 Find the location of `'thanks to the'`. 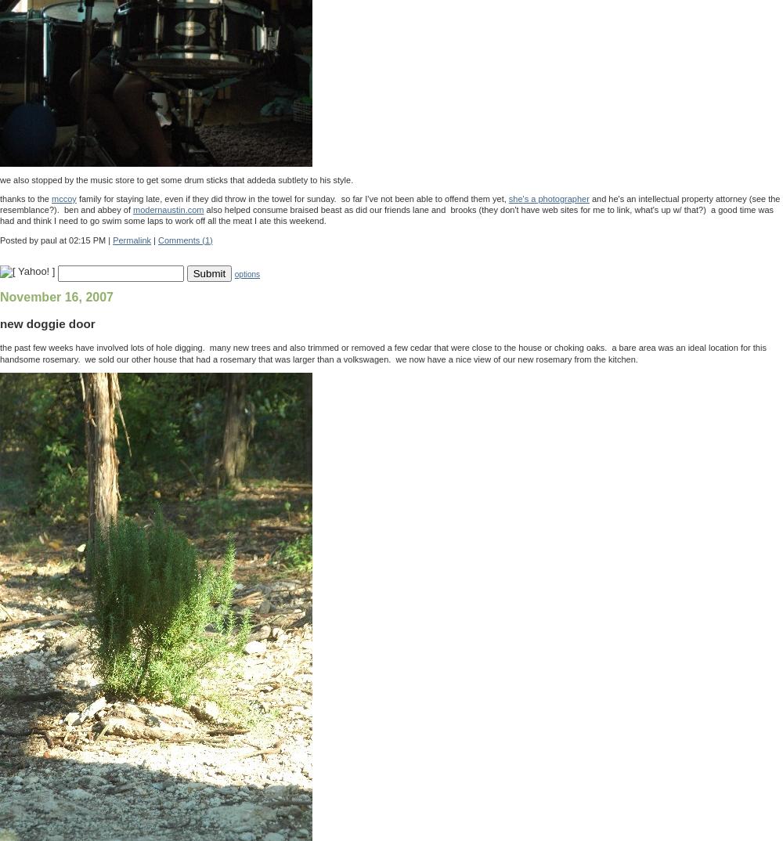

'thanks to the' is located at coordinates (26, 197).